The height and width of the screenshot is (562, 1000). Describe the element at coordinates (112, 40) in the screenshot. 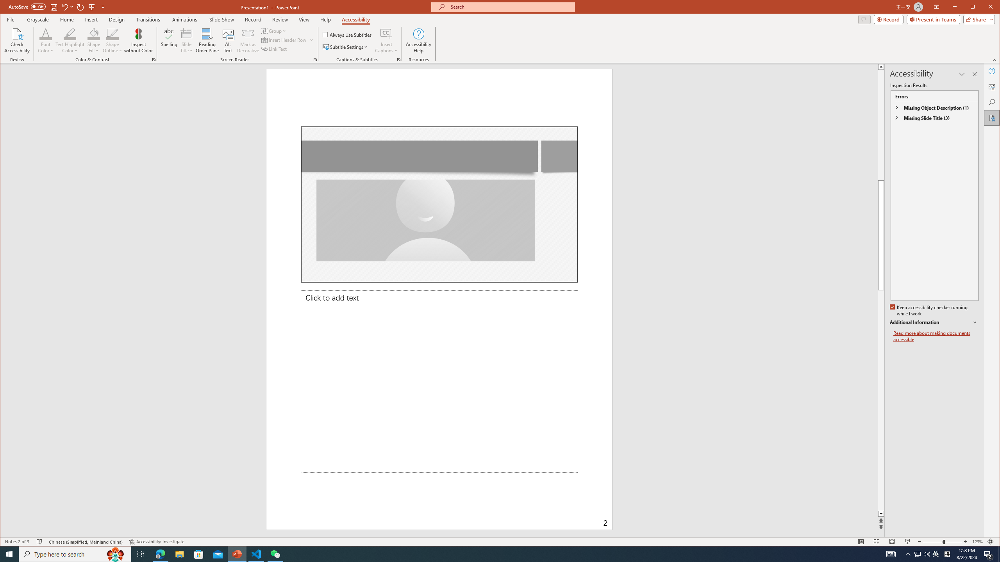

I see `'Shape Outline'` at that location.